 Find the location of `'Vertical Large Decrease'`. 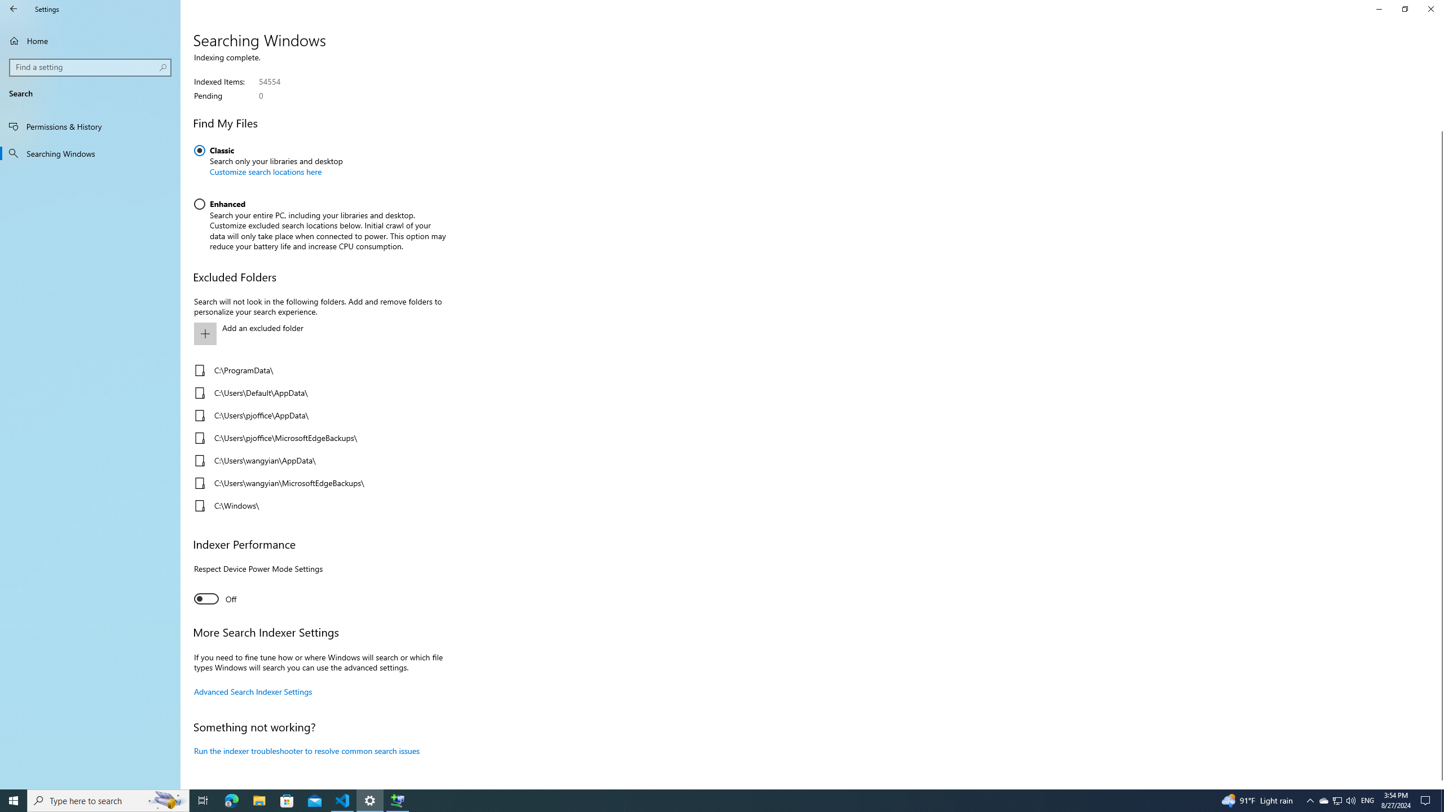

'Vertical Large Decrease' is located at coordinates (1439, 97).